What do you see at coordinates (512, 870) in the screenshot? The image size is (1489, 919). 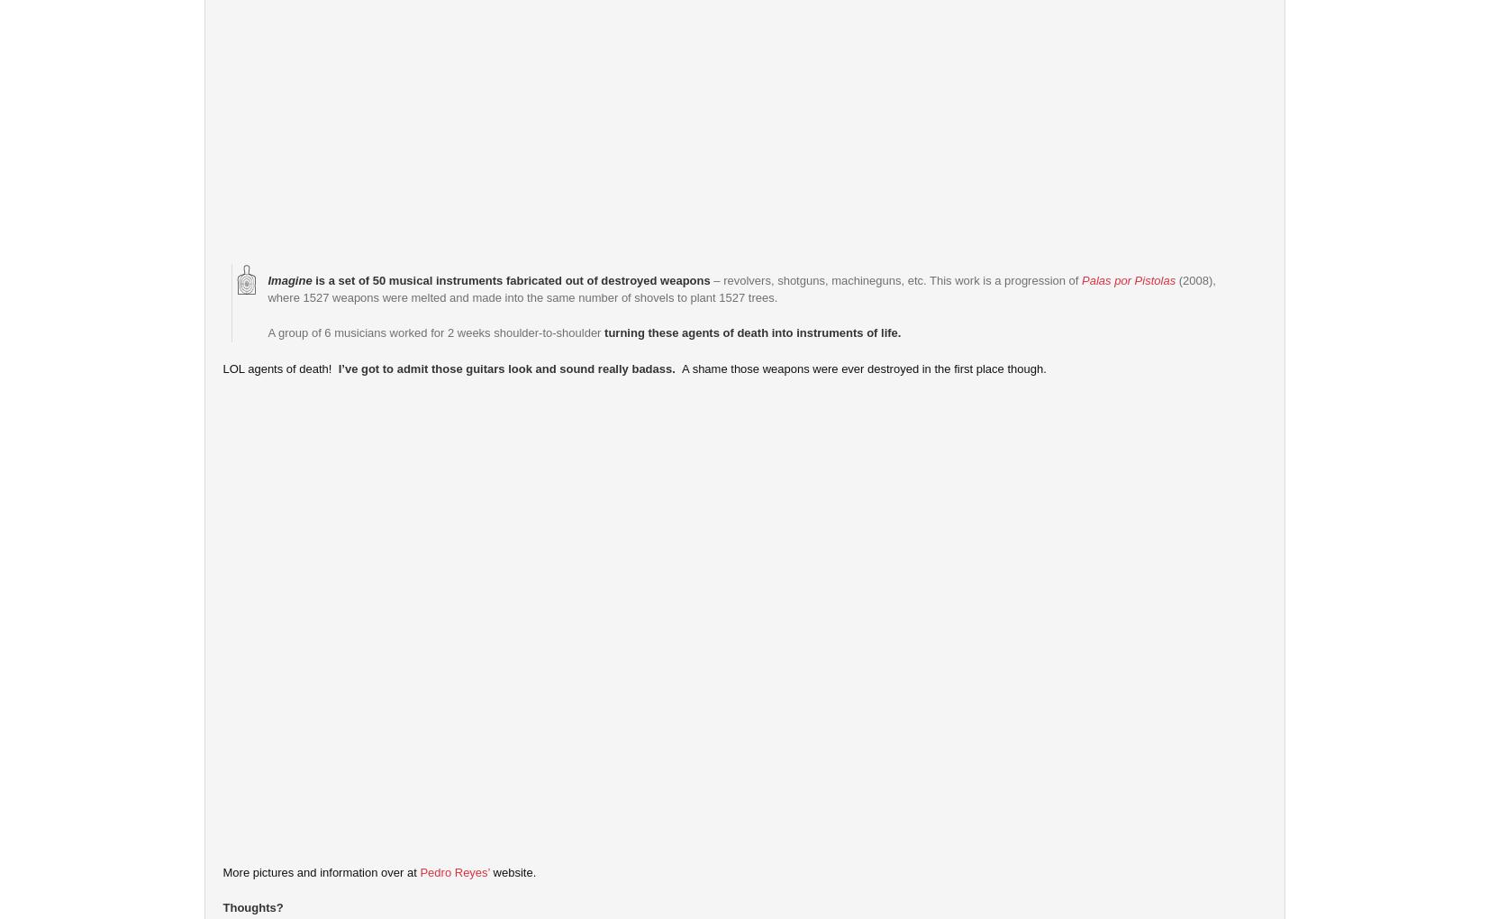 I see `'website.'` at bounding box center [512, 870].